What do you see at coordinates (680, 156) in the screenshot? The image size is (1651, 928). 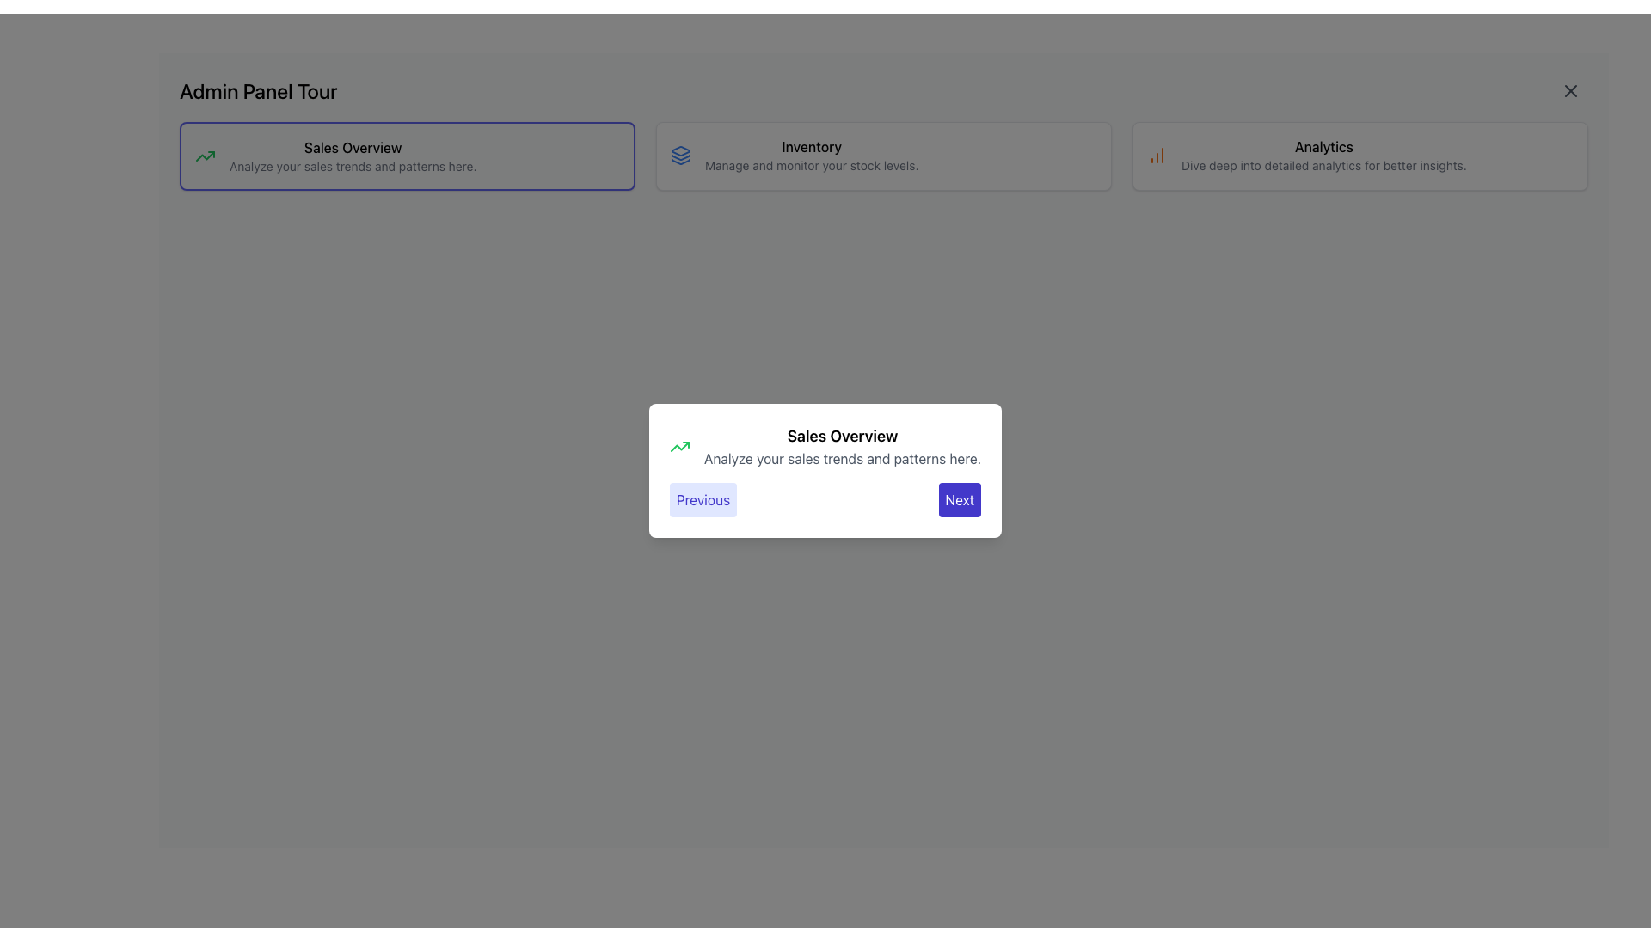 I see `the inventory management icon located on the left side of the section, which serves as a visual representation for quick association with inventory management features` at bounding box center [680, 156].